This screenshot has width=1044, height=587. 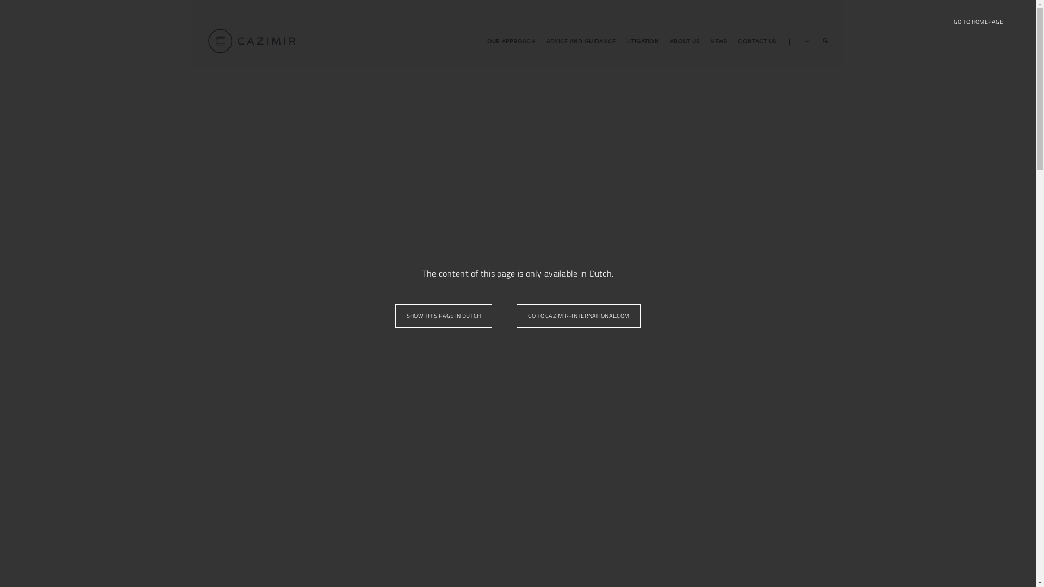 What do you see at coordinates (642, 40) in the screenshot?
I see `'LITIGATION'` at bounding box center [642, 40].